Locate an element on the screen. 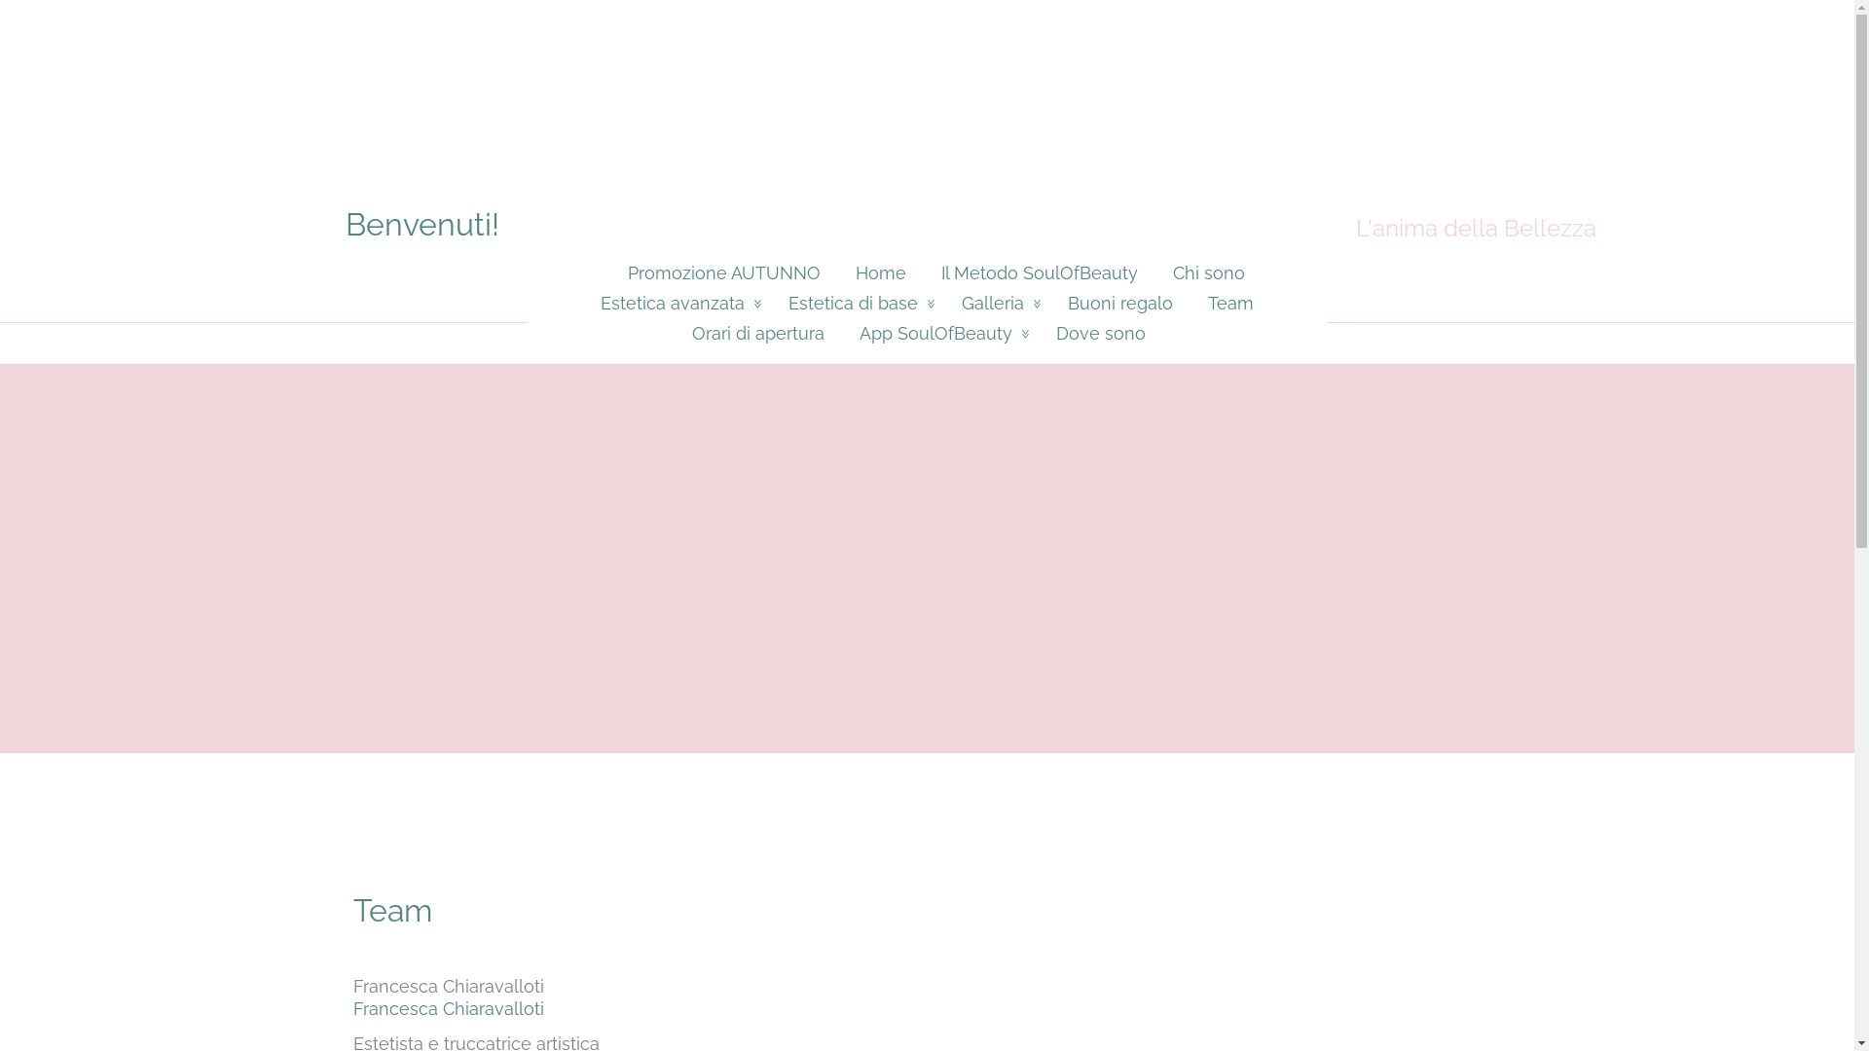  'Team' is located at coordinates (1190, 303).